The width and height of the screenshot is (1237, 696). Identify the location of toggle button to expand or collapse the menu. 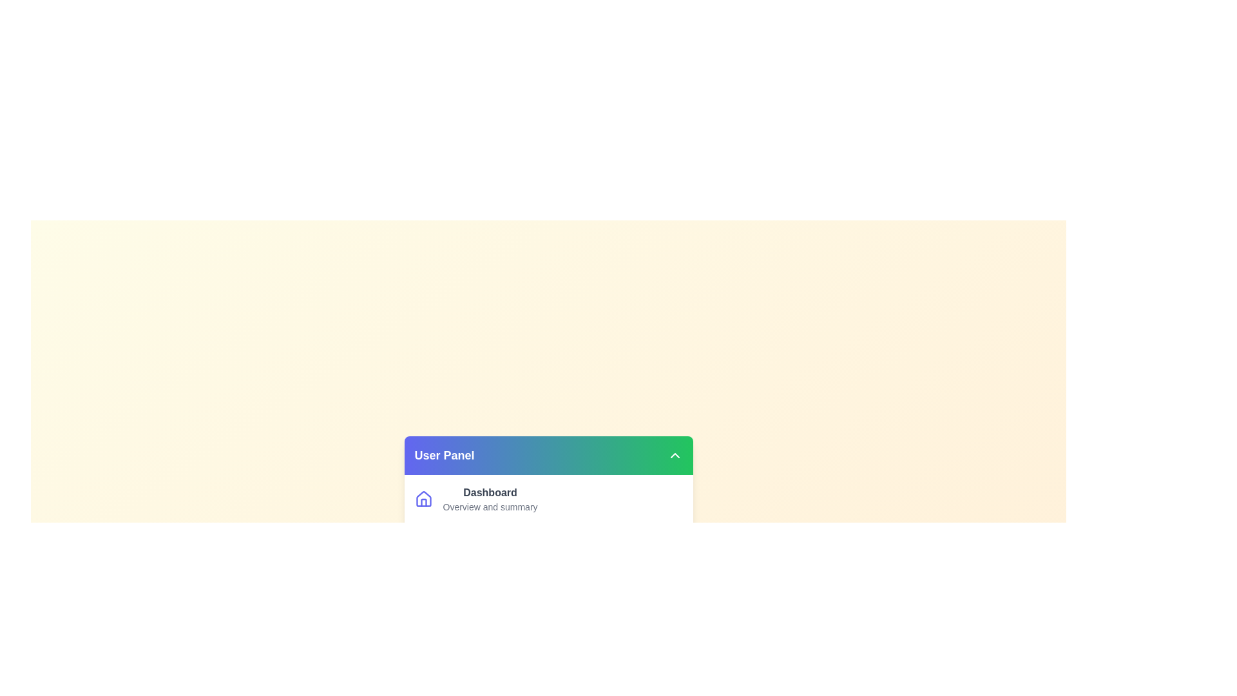
(674, 454).